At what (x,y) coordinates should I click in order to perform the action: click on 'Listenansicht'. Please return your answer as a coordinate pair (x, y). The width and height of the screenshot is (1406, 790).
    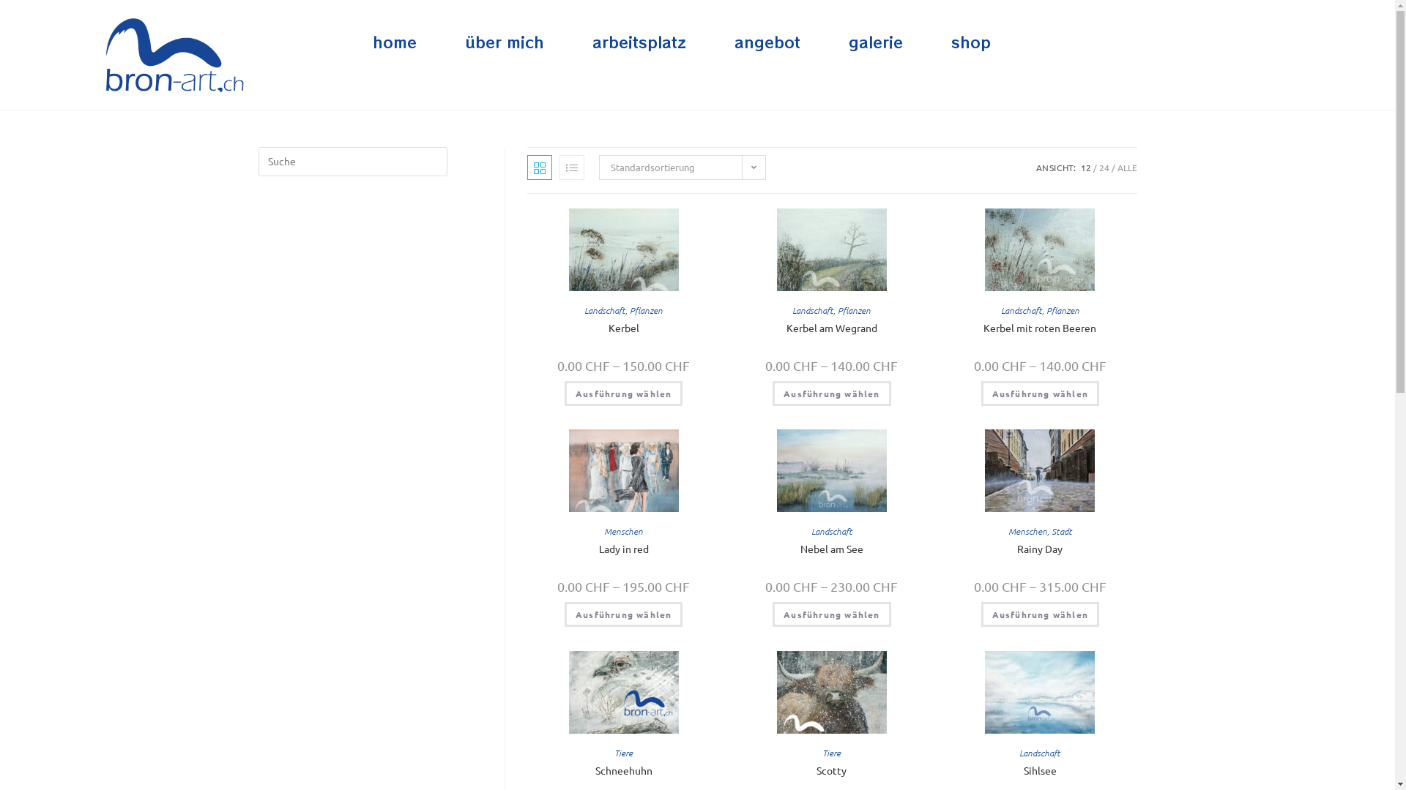
    Looking at the image, I should click on (571, 166).